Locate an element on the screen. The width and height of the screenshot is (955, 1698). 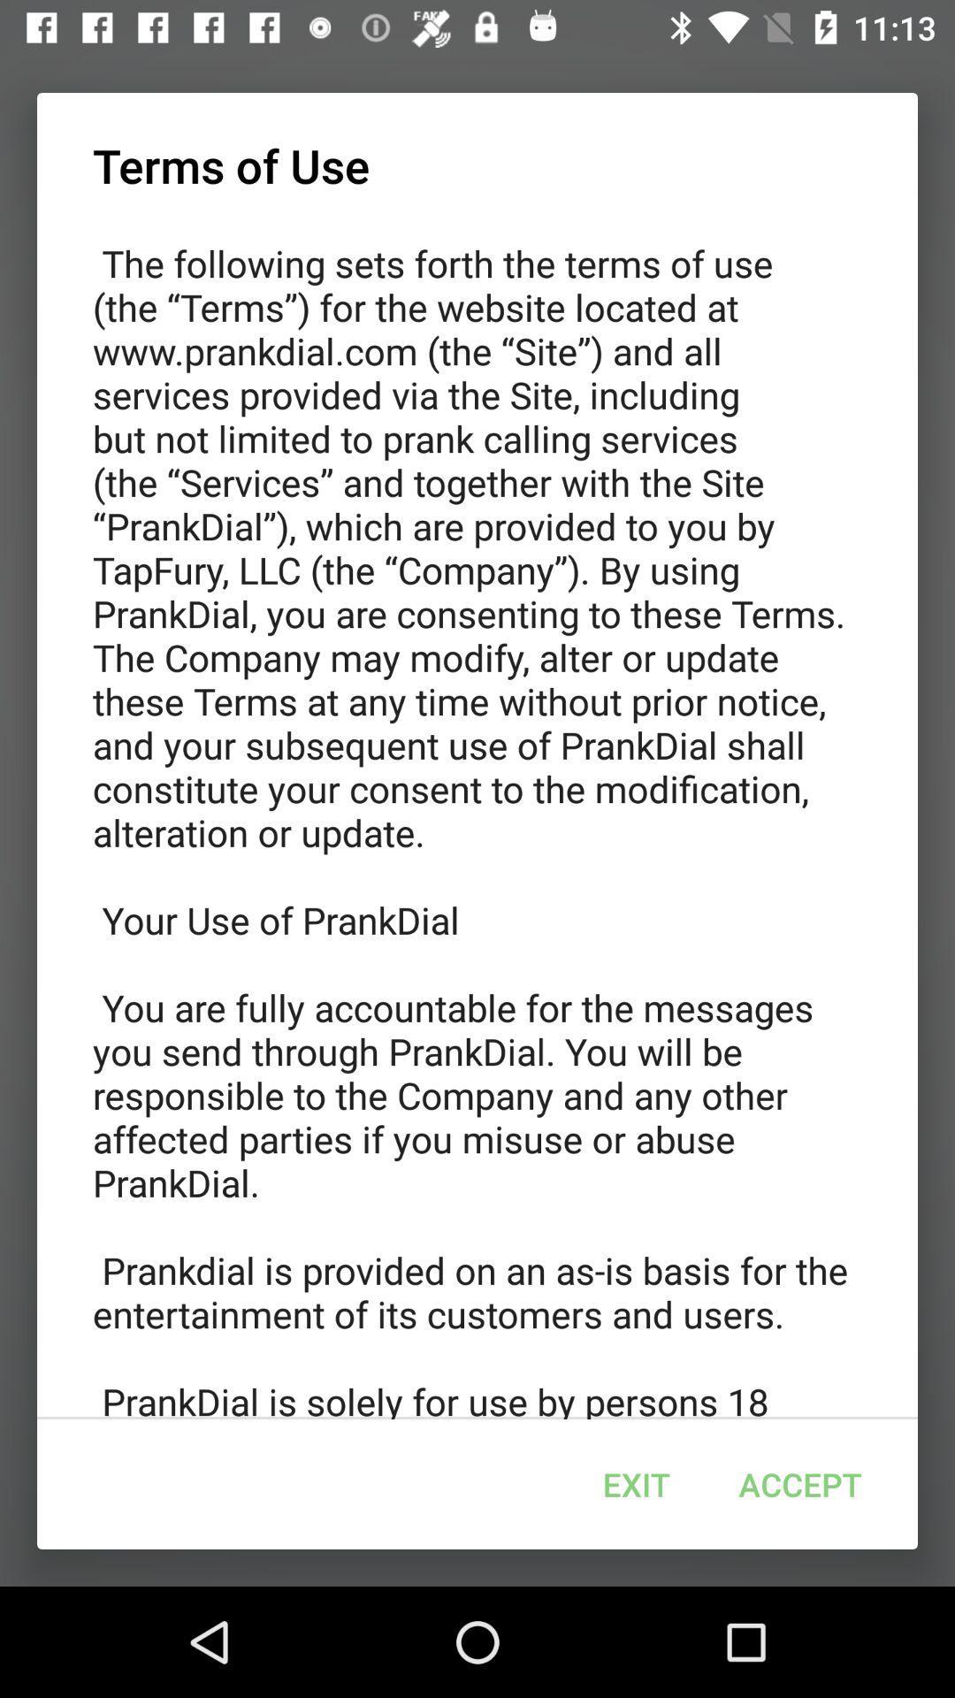
accept item is located at coordinates (800, 1484).